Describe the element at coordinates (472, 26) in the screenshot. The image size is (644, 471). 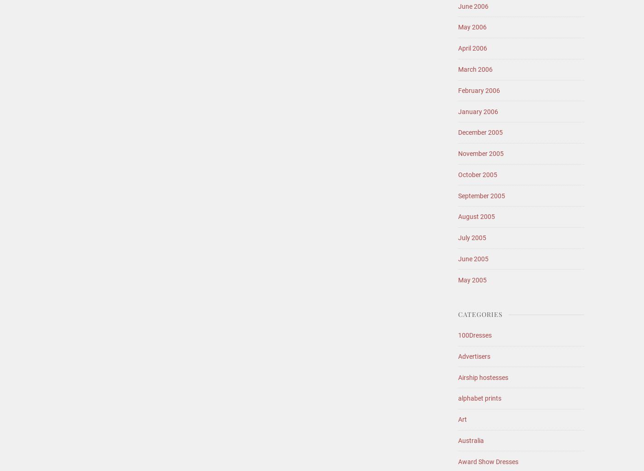
I see `'May 2006'` at that location.